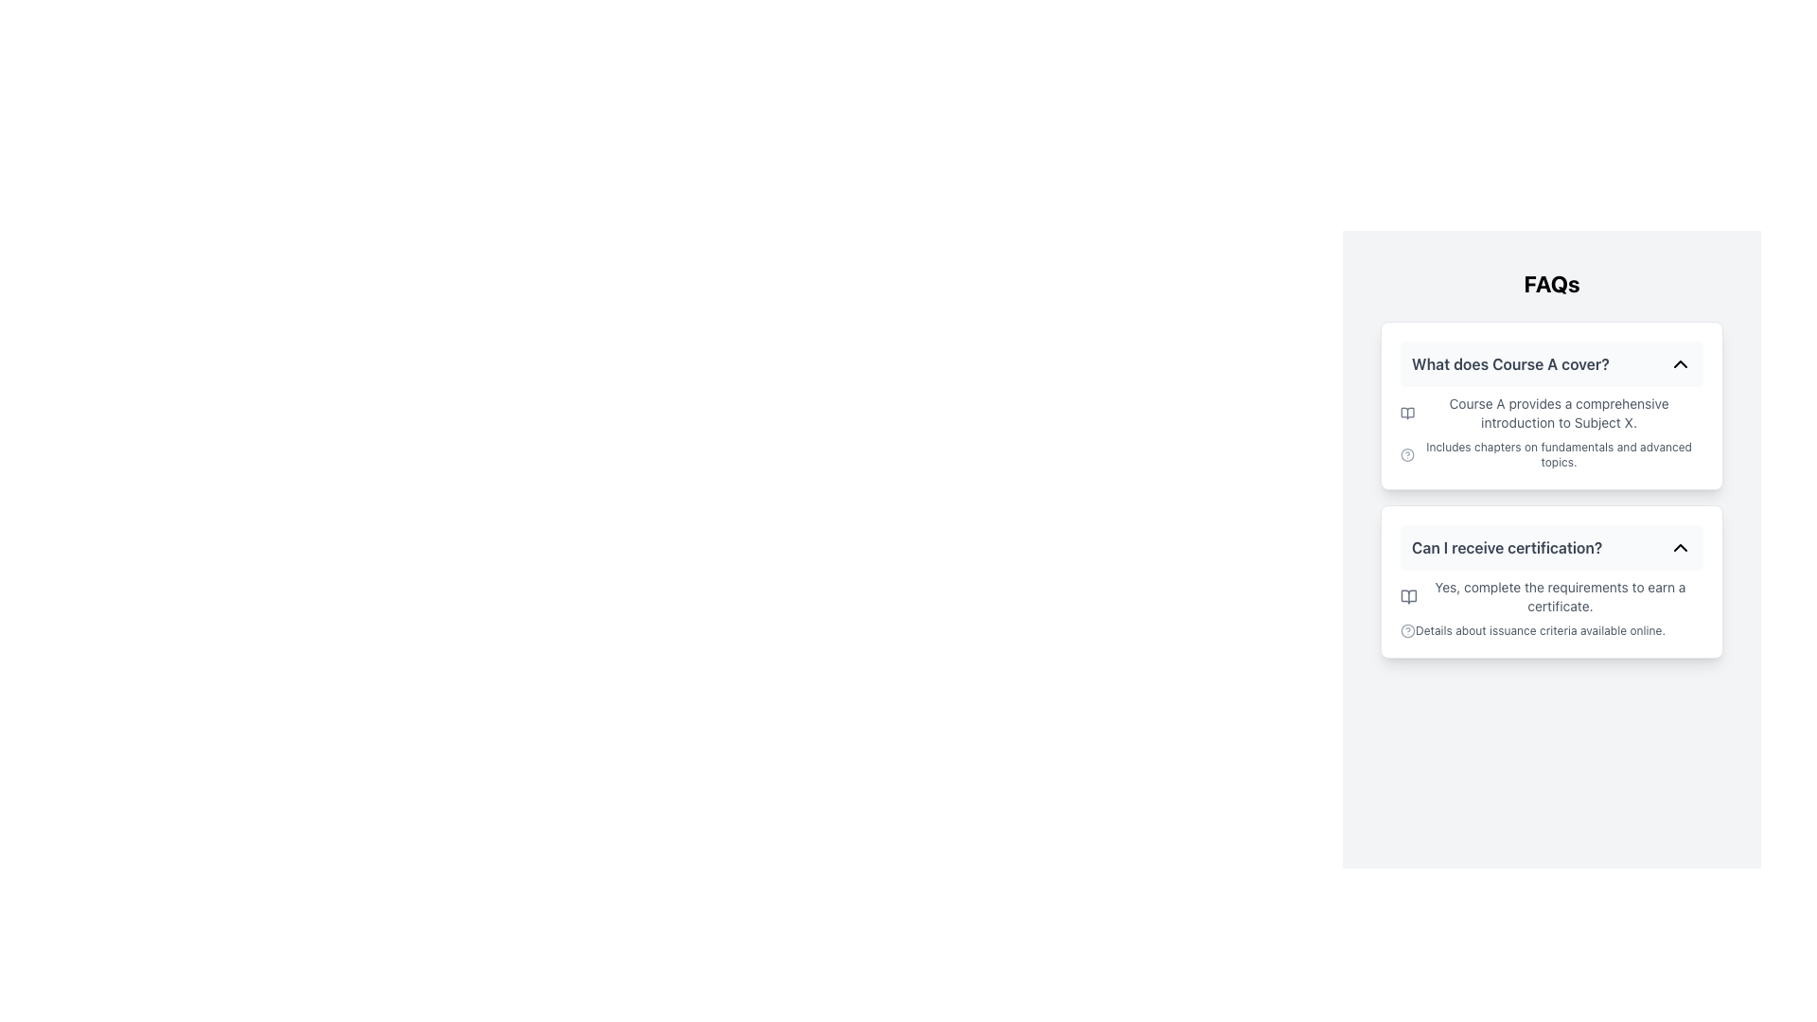 The width and height of the screenshot is (1817, 1022). Describe the element at coordinates (1552, 597) in the screenshot. I see `text label that provides information about earning a certificate, located under the FAQ question 'Can I receive certification?'` at that location.